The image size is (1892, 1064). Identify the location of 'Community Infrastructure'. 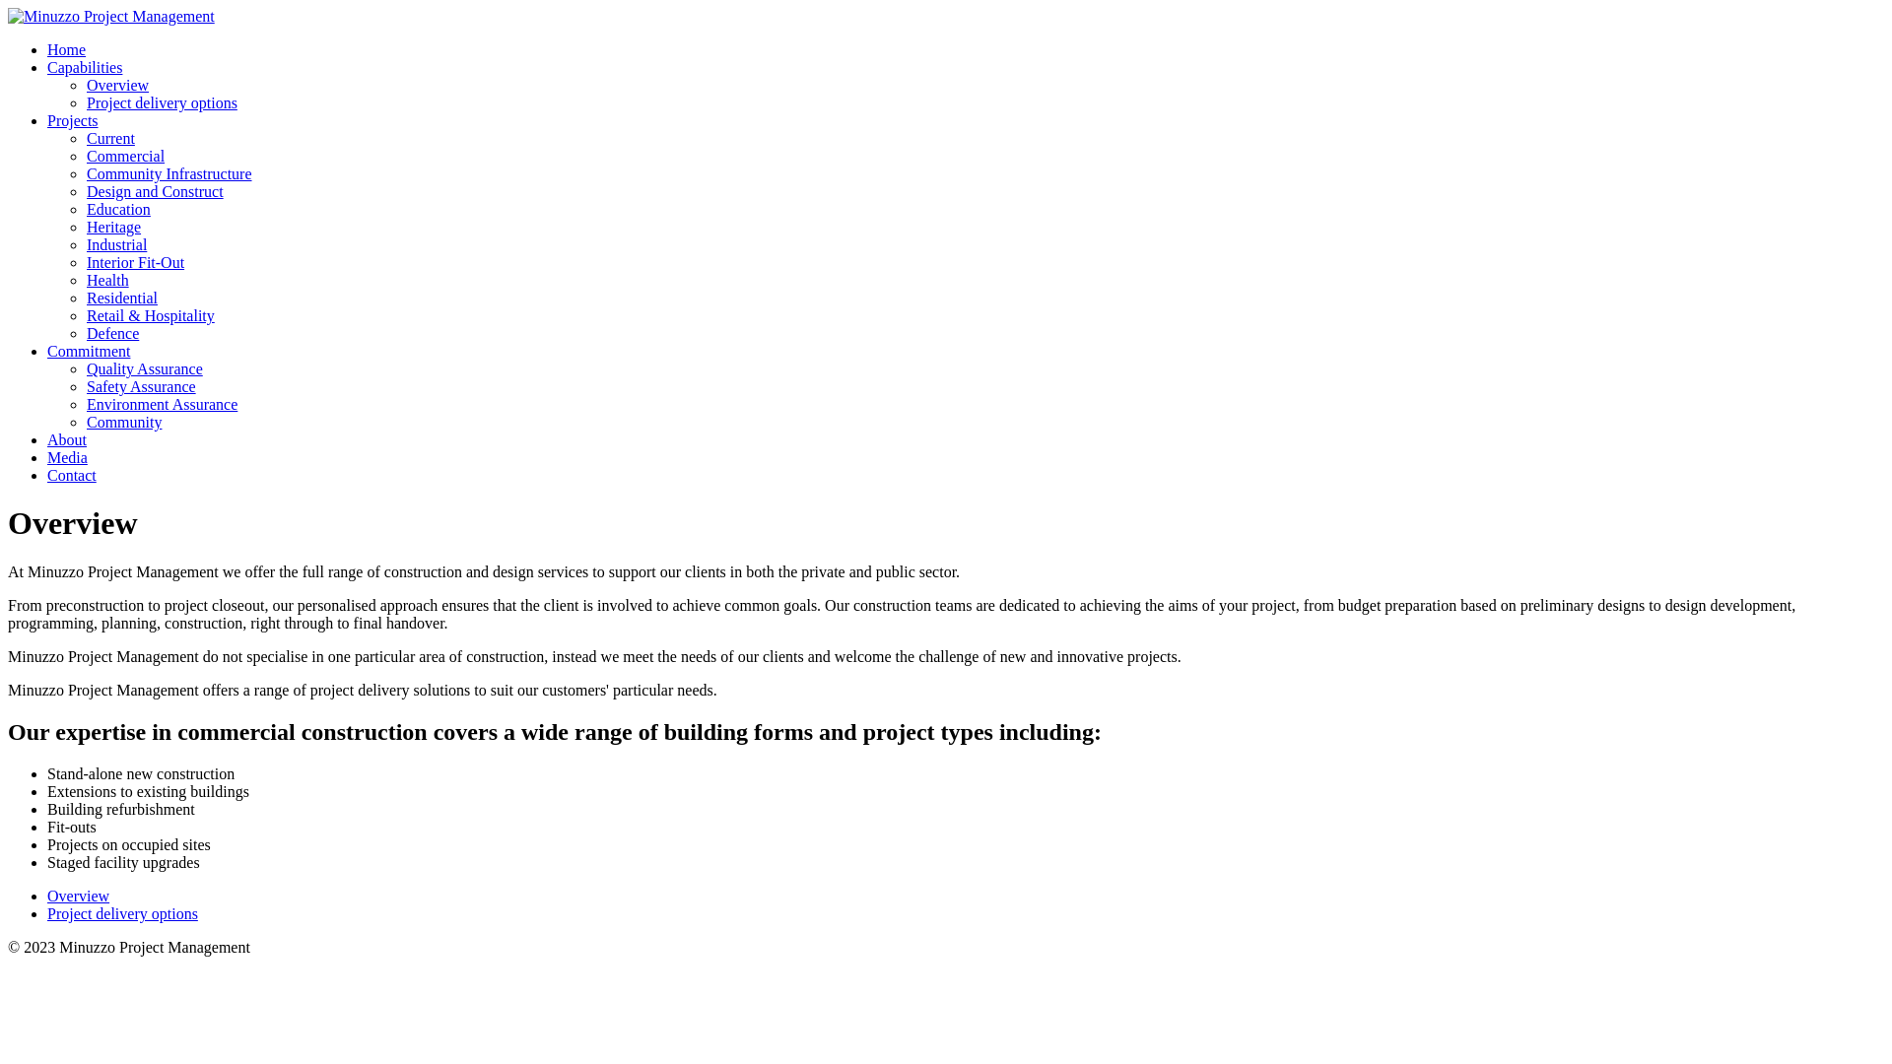
(169, 172).